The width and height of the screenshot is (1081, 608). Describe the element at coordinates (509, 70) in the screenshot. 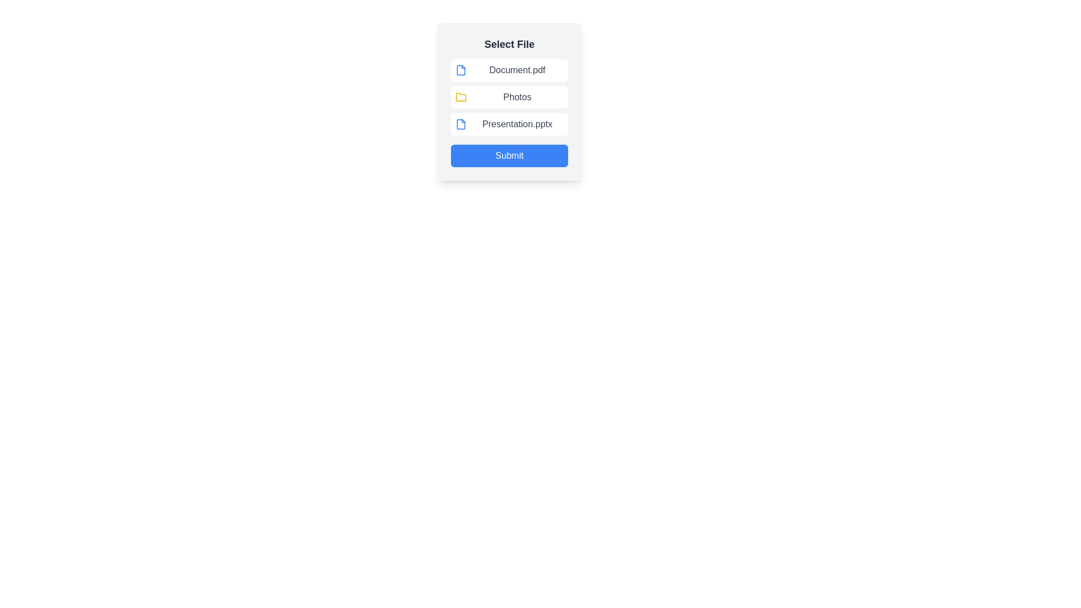

I see `the selectable file representation labeled 'Document.pdf' which consists of a blue document icon and dark text` at that location.